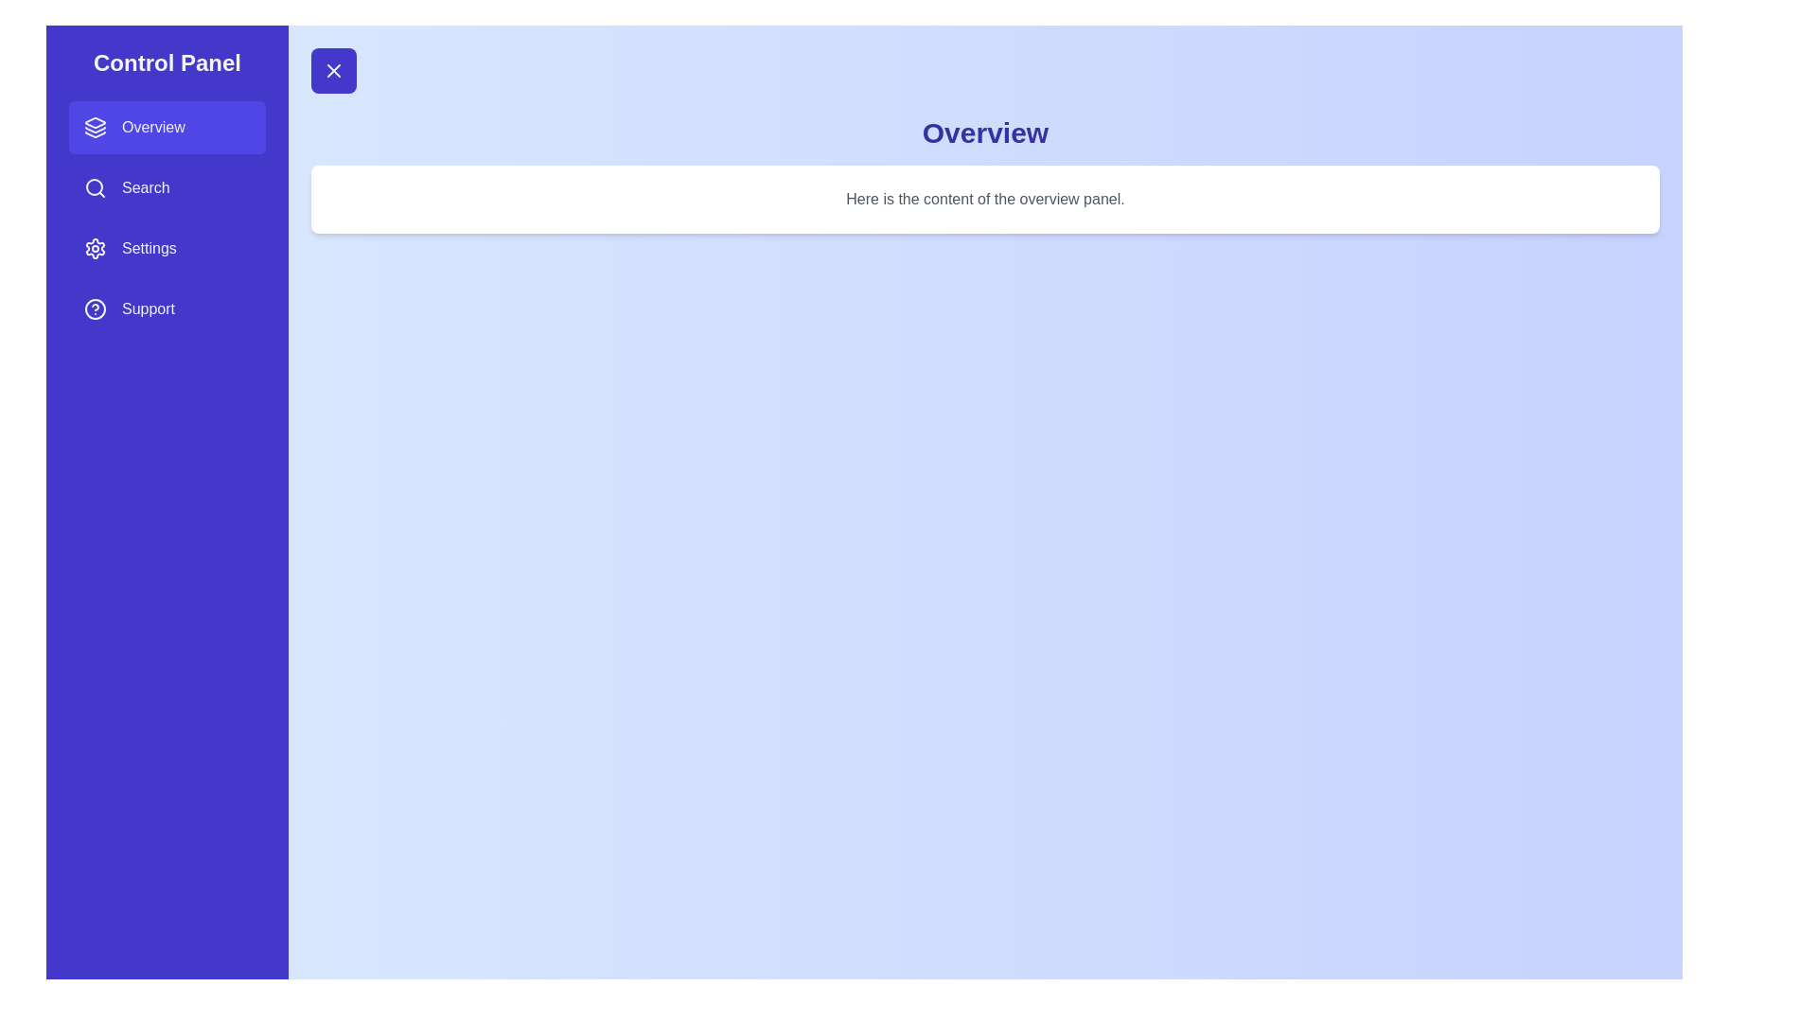 This screenshot has width=1817, height=1022. Describe the element at coordinates (168, 128) in the screenshot. I see `the panel Overview from the sidebar` at that location.